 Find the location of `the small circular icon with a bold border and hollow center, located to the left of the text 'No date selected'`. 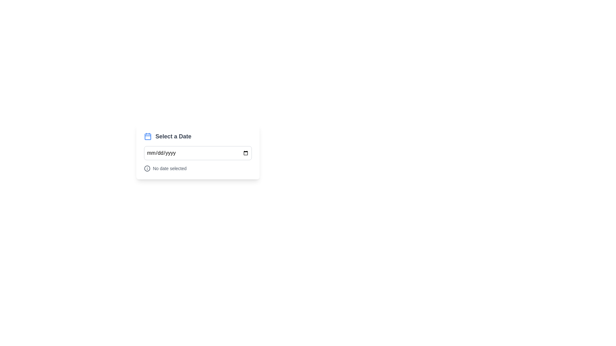

the small circular icon with a bold border and hollow center, located to the left of the text 'No date selected' is located at coordinates (147, 168).